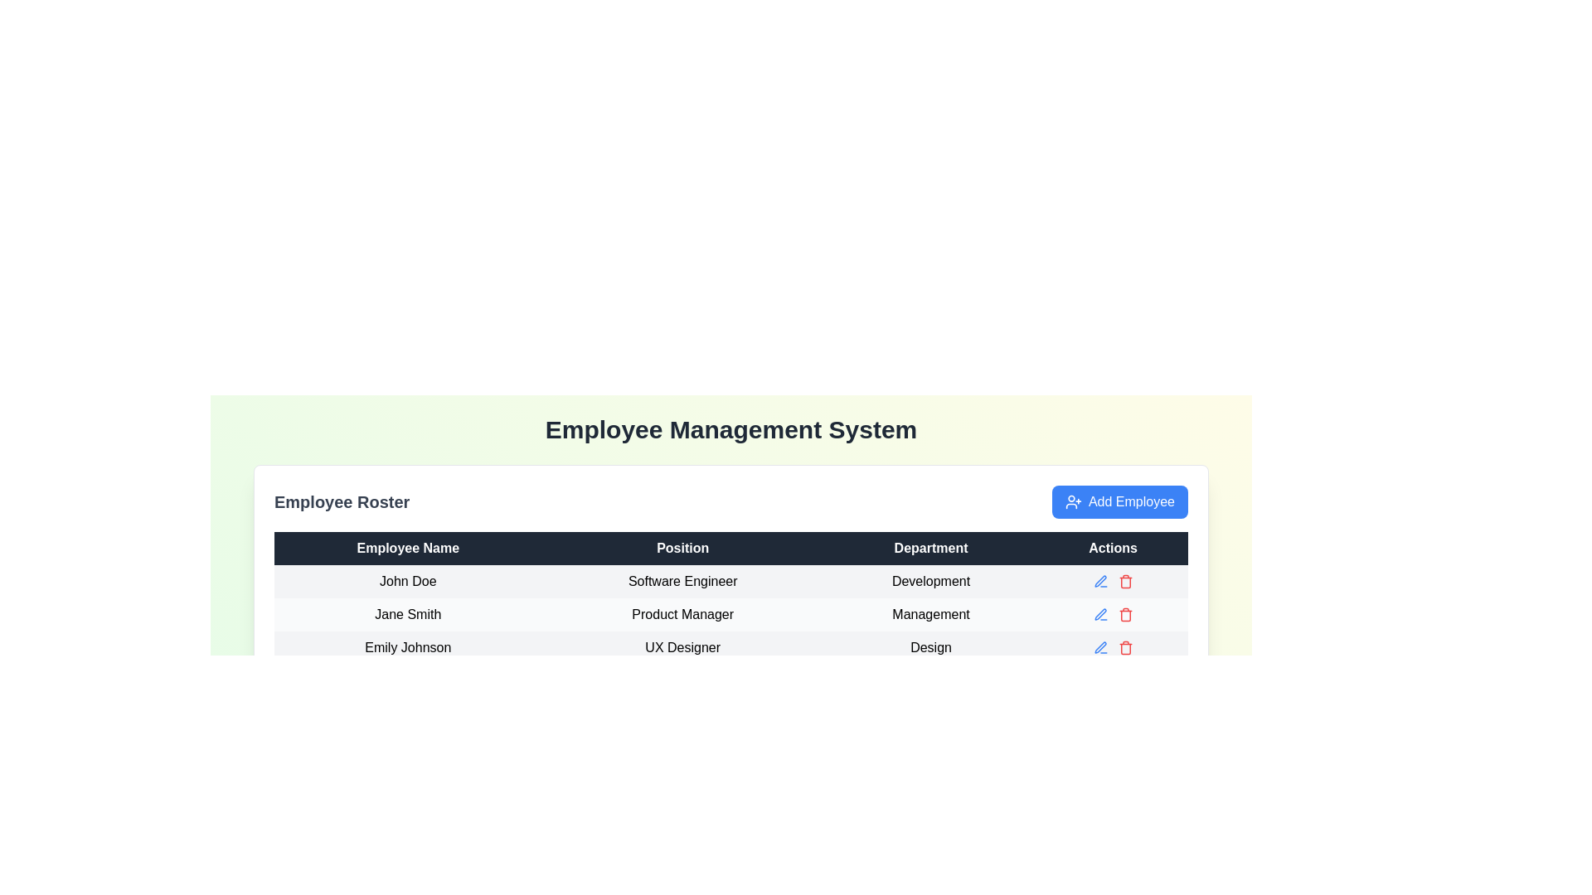 The image size is (1592, 895). What do you see at coordinates (931, 614) in the screenshot?
I see `text 'Management' located in the third column of the second row of the table corresponding to 'Jane Smith'` at bounding box center [931, 614].